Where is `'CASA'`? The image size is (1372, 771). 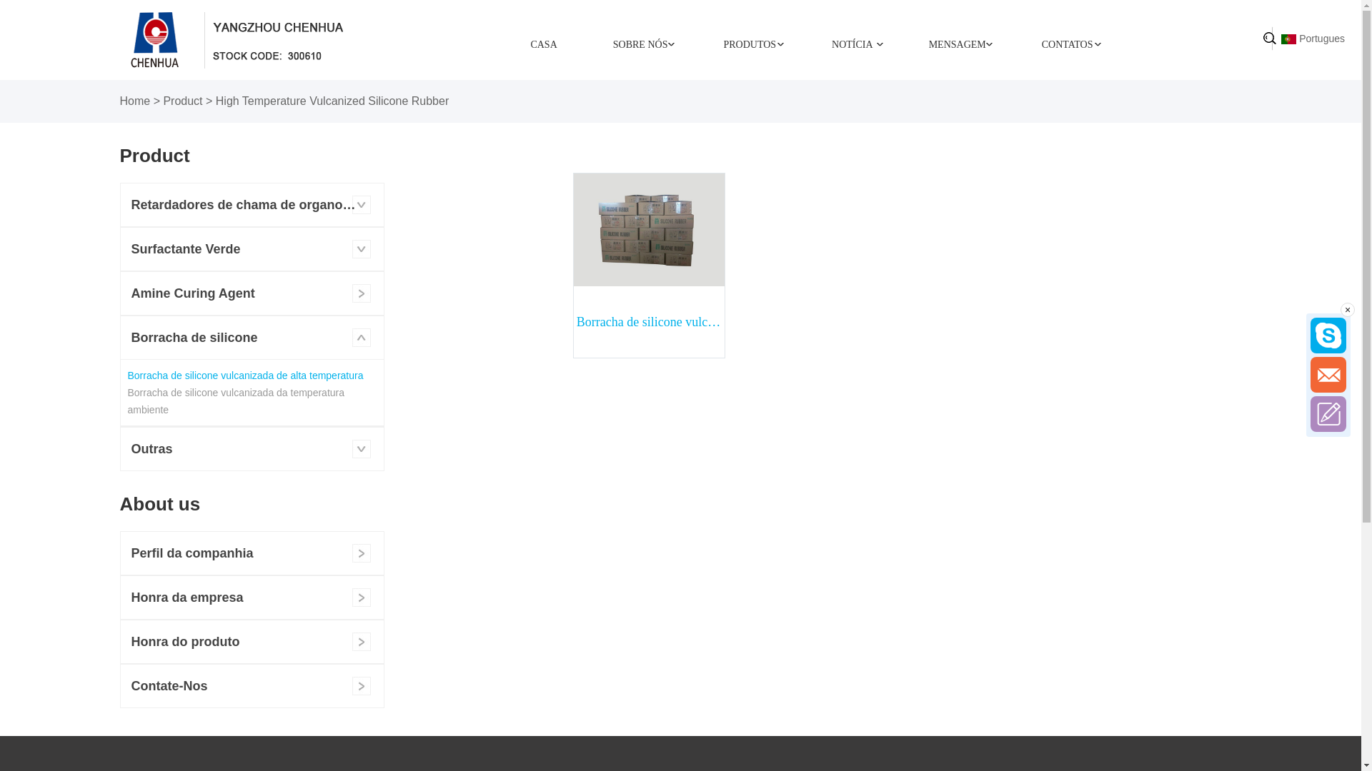 'CASA' is located at coordinates (542, 43).